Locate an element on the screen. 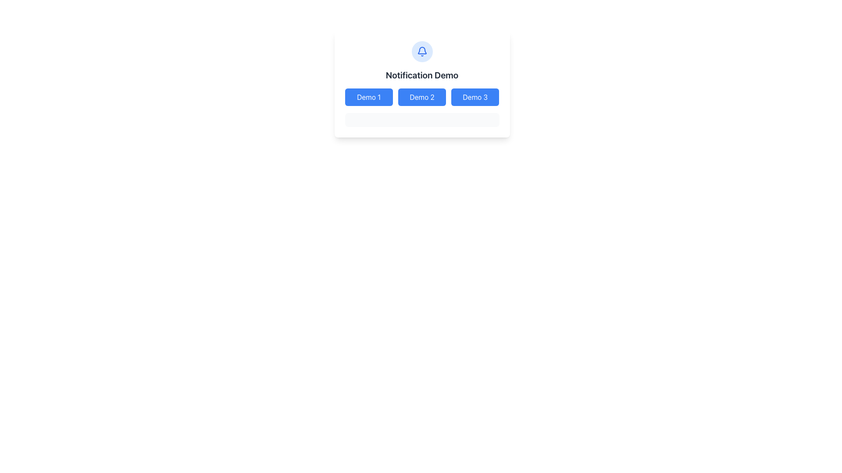  the notification icon located at the top center of the card component, above the blue buttons labeled 'Demo 1', 'Demo 2', and 'Demo 3' is located at coordinates (422, 52).